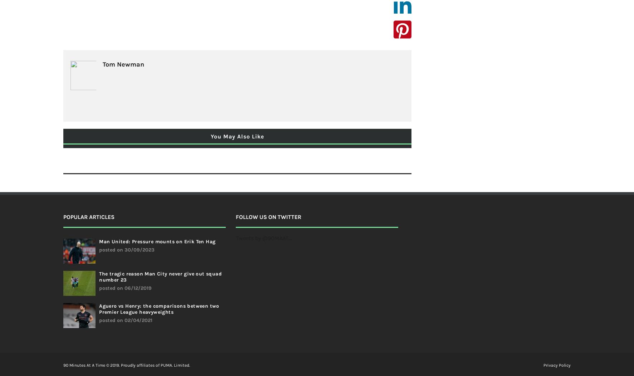  Describe the element at coordinates (237, 136) in the screenshot. I see `'You May Also Like'` at that location.